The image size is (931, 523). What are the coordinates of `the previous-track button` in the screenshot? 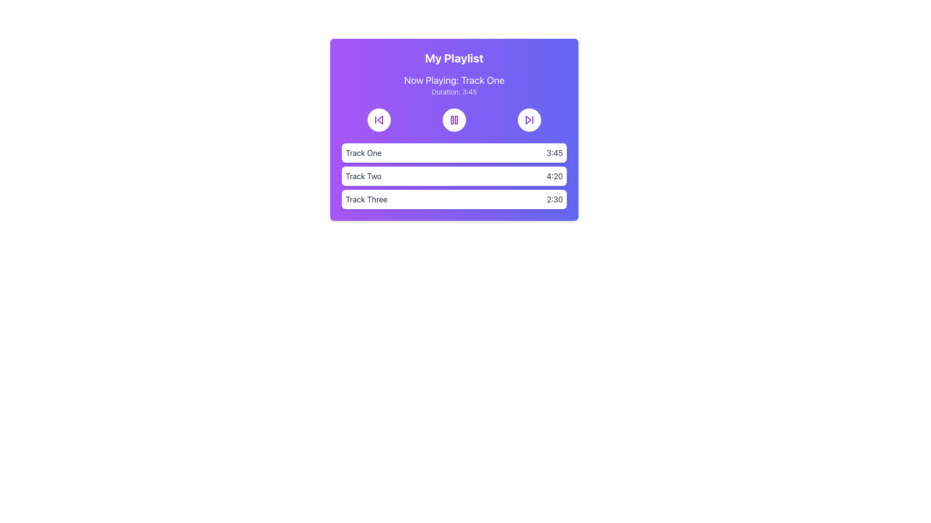 It's located at (379, 119).